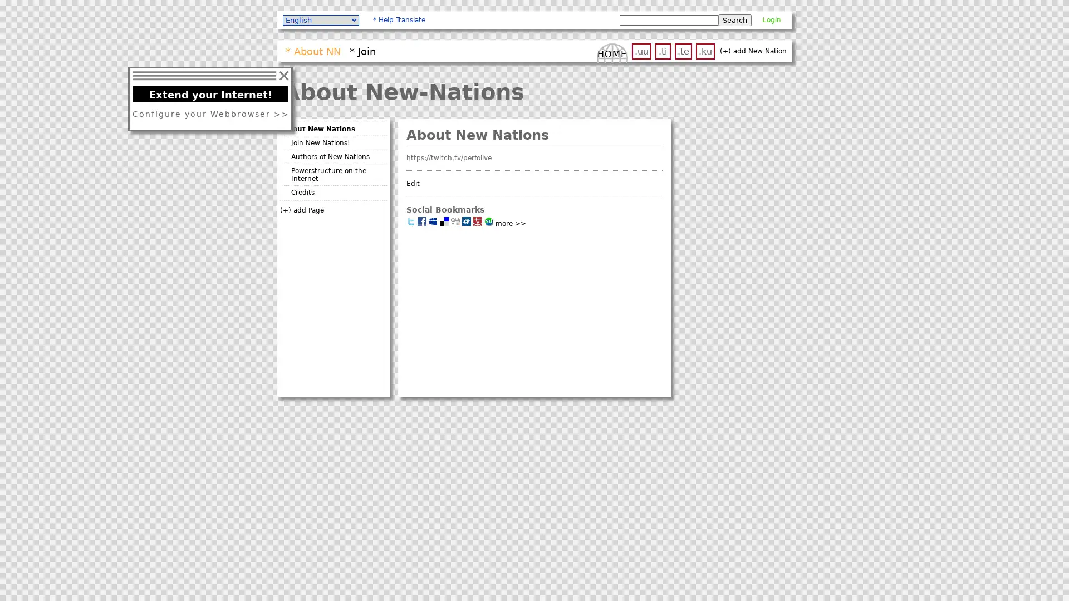 The width and height of the screenshot is (1069, 601). I want to click on Search, so click(734, 19).